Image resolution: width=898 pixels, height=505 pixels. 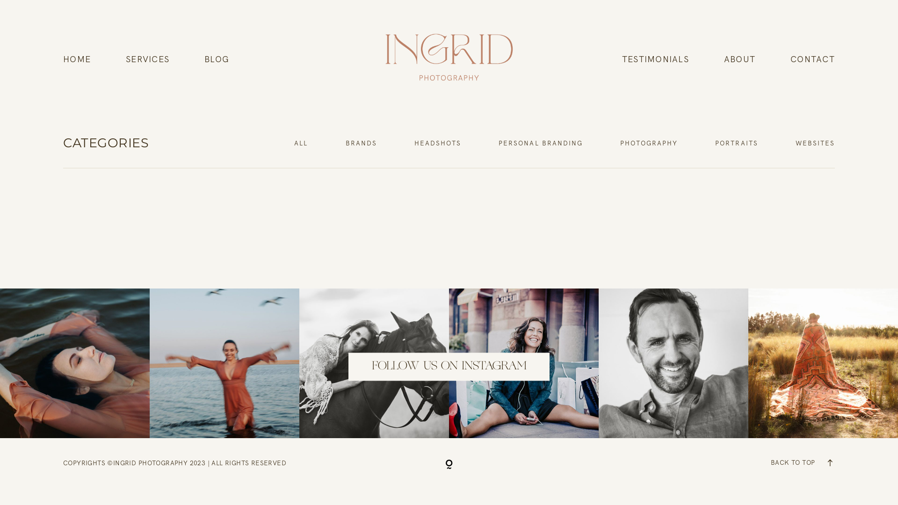 What do you see at coordinates (77, 59) in the screenshot?
I see `'HOME'` at bounding box center [77, 59].